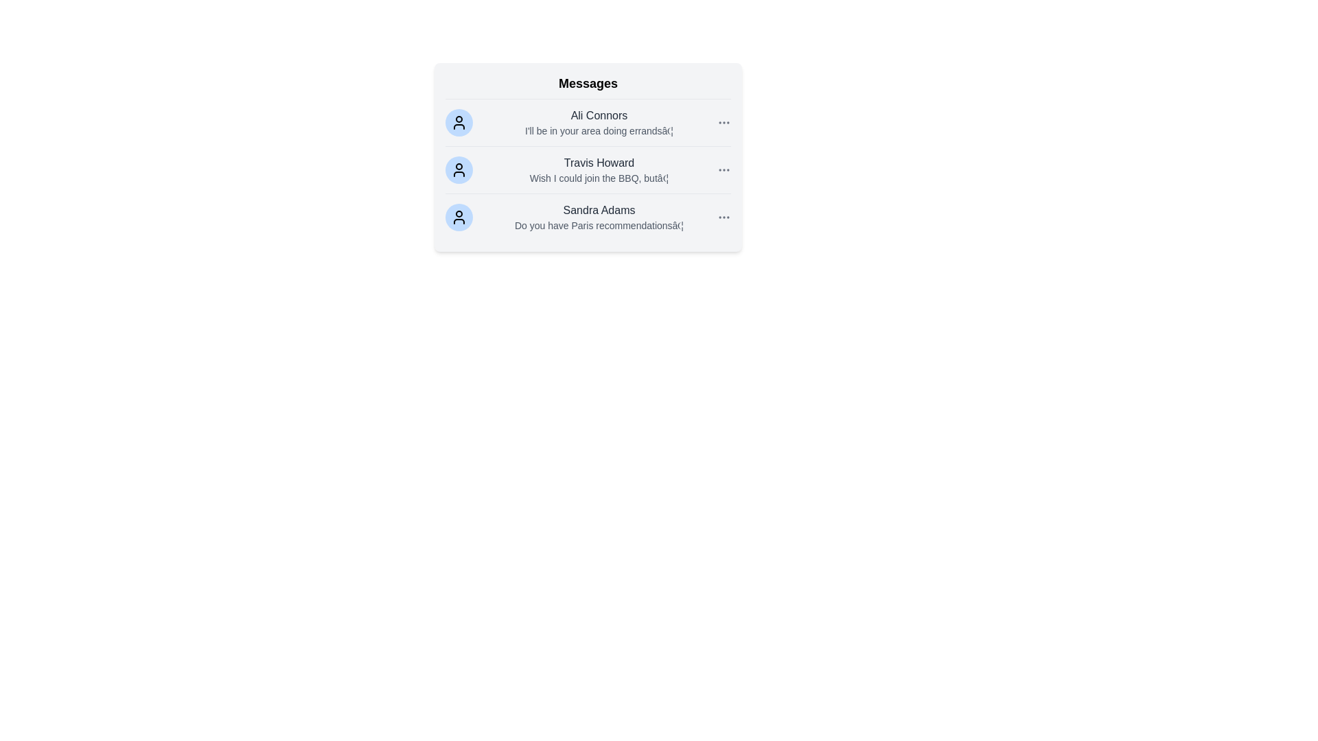 The width and height of the screenshot is (1318, 741). Describe the element at coordinates (459, 169) in the screenshot. I see `the circular blue Avatar icon featuring a user silhouette, located to the left of the text 'Travis Howard'` at that location.